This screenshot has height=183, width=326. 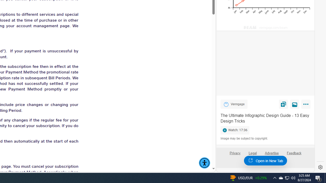 What do you see at coordinates (265, 160) in the screenshot?
I see `'Open in New Tab'` at bounding box center [265, 160].